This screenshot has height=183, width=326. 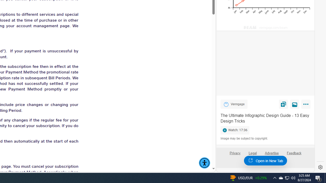 What do you see at coordinates (265, 160) in the screenshot?
I see `'Open in New Tab'` at bounding box center [265, 160].